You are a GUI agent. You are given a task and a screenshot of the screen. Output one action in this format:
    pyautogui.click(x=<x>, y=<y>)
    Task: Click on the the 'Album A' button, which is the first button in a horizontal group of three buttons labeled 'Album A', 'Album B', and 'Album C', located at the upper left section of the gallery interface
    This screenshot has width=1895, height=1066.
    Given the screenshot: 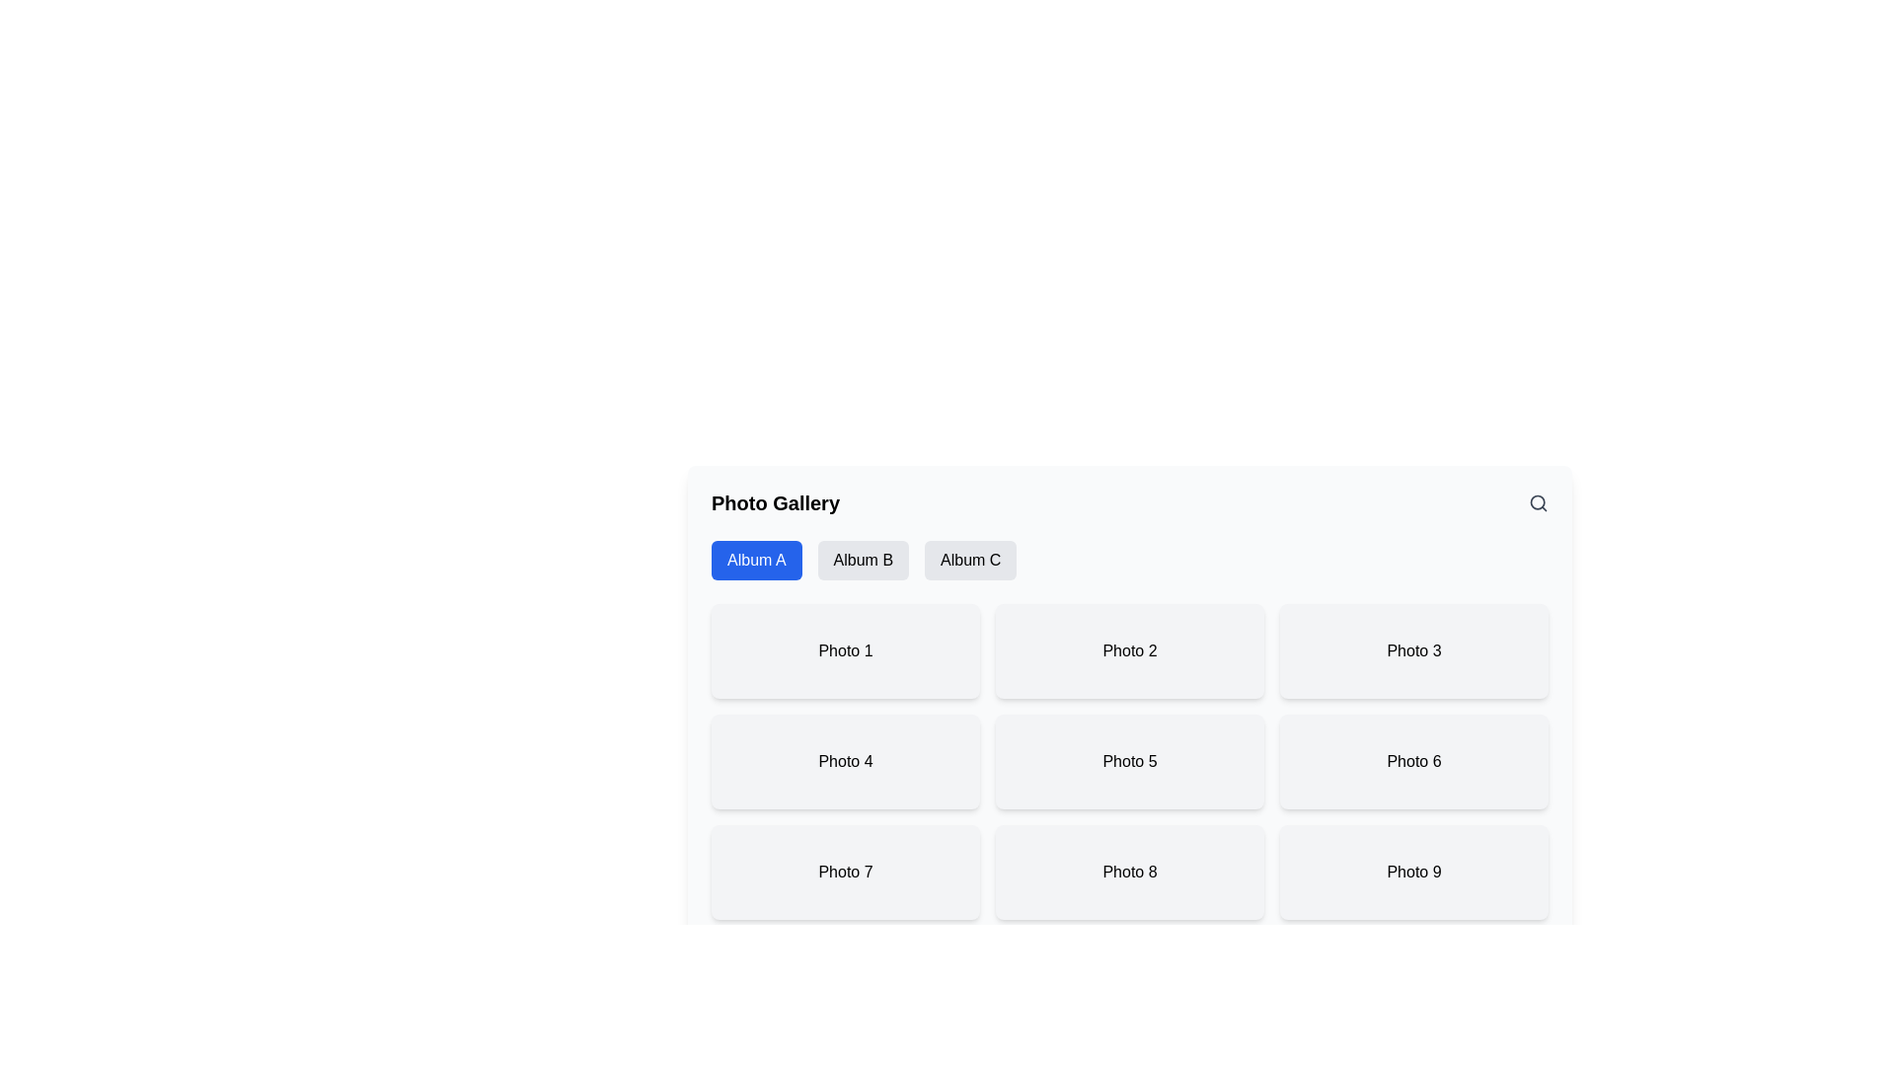 What is the action you would take?
    pyautogui.click(x=755, y=560)
    